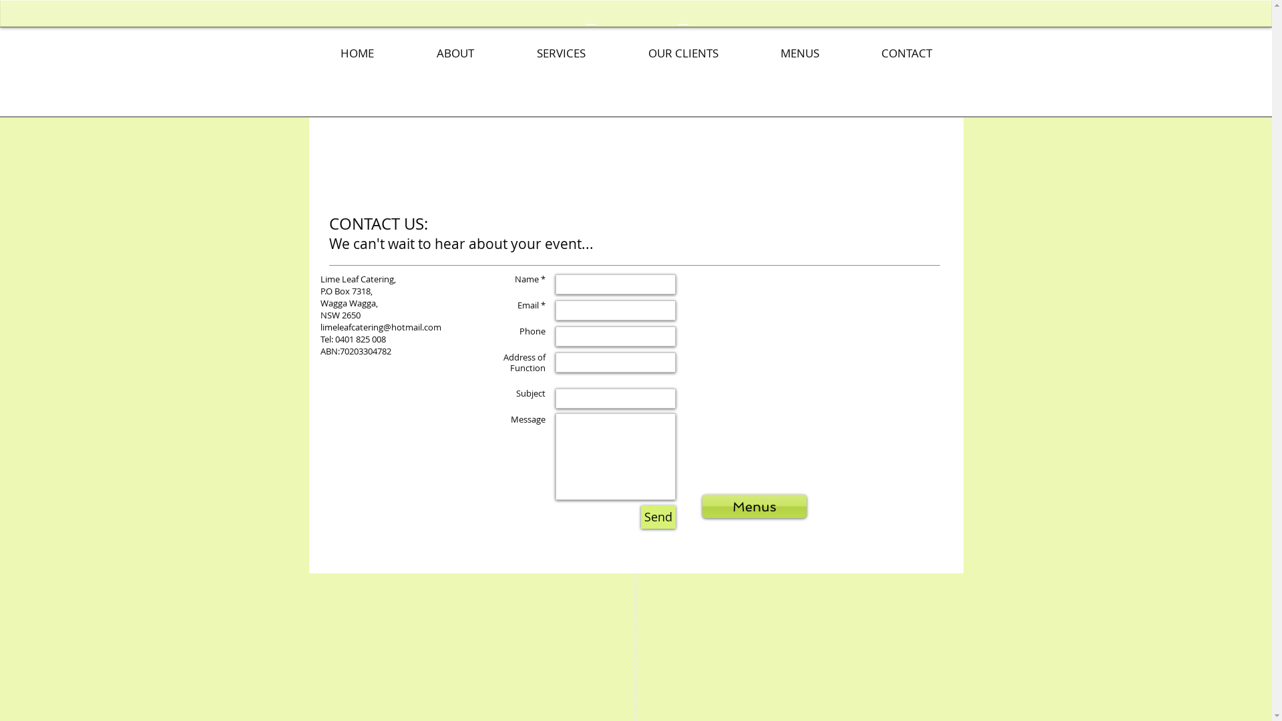 The image size is (1282, 721). I want to click on 'ABOUT', so click(455, 53).